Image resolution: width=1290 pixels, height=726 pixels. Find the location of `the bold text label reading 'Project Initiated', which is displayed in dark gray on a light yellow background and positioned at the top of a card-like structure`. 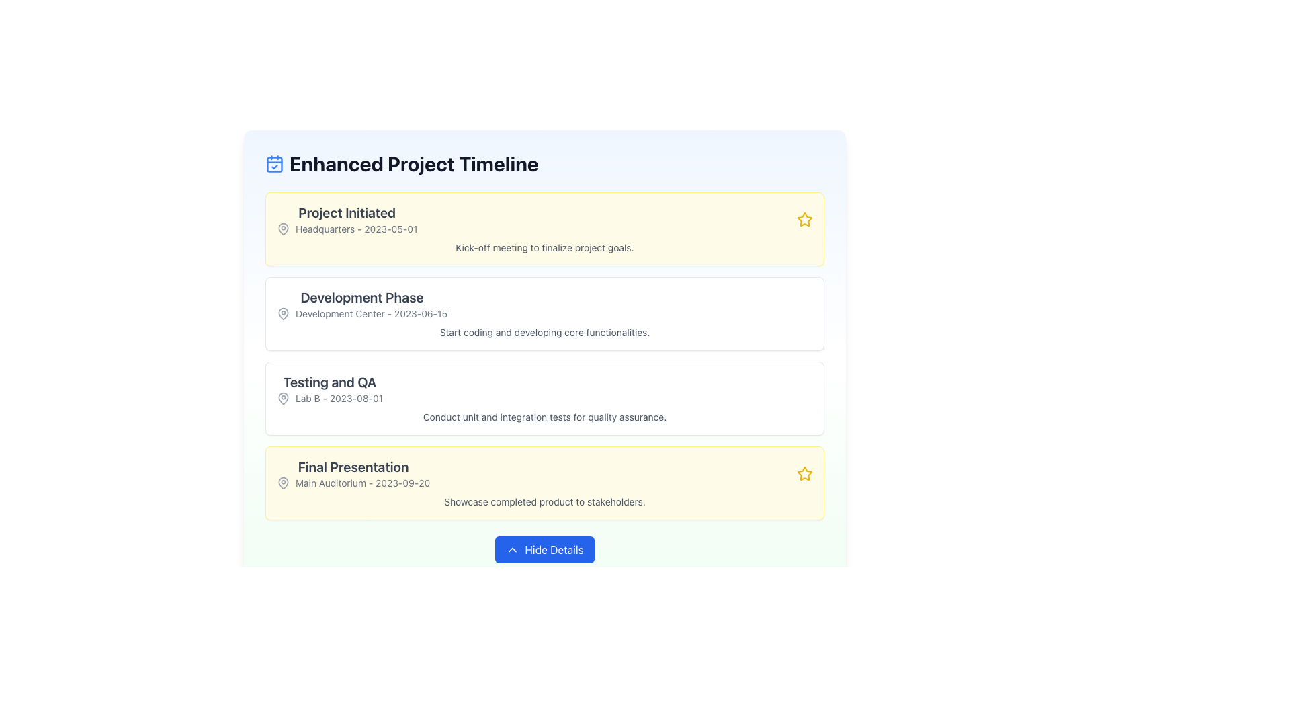

the bold text label reading 'Project Initiated', which is displayed in dark gray on a light yellow background and positioned at the top of a card-like structure is located at coordinates (347, 212).